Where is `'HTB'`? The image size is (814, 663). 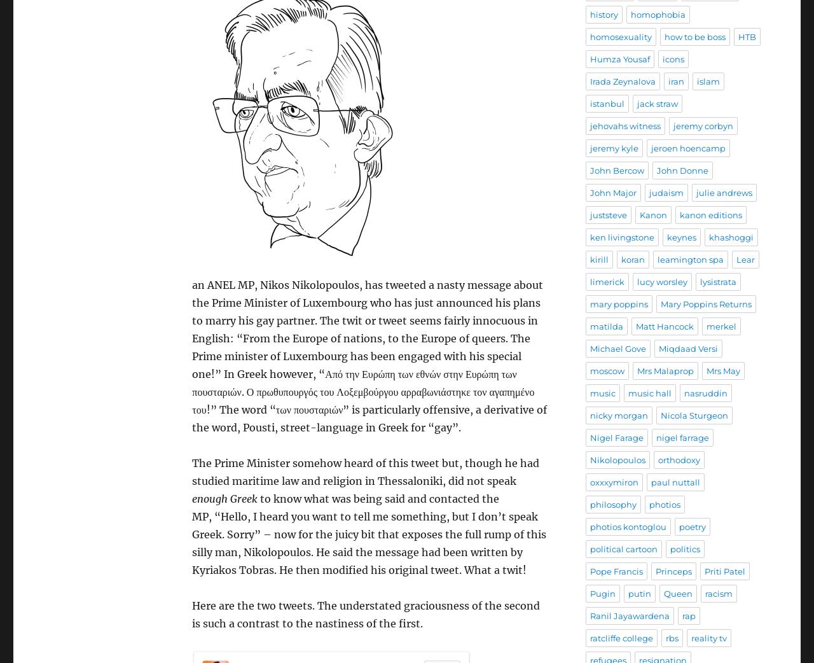
'HTB' is located at coordinates (747, 36).